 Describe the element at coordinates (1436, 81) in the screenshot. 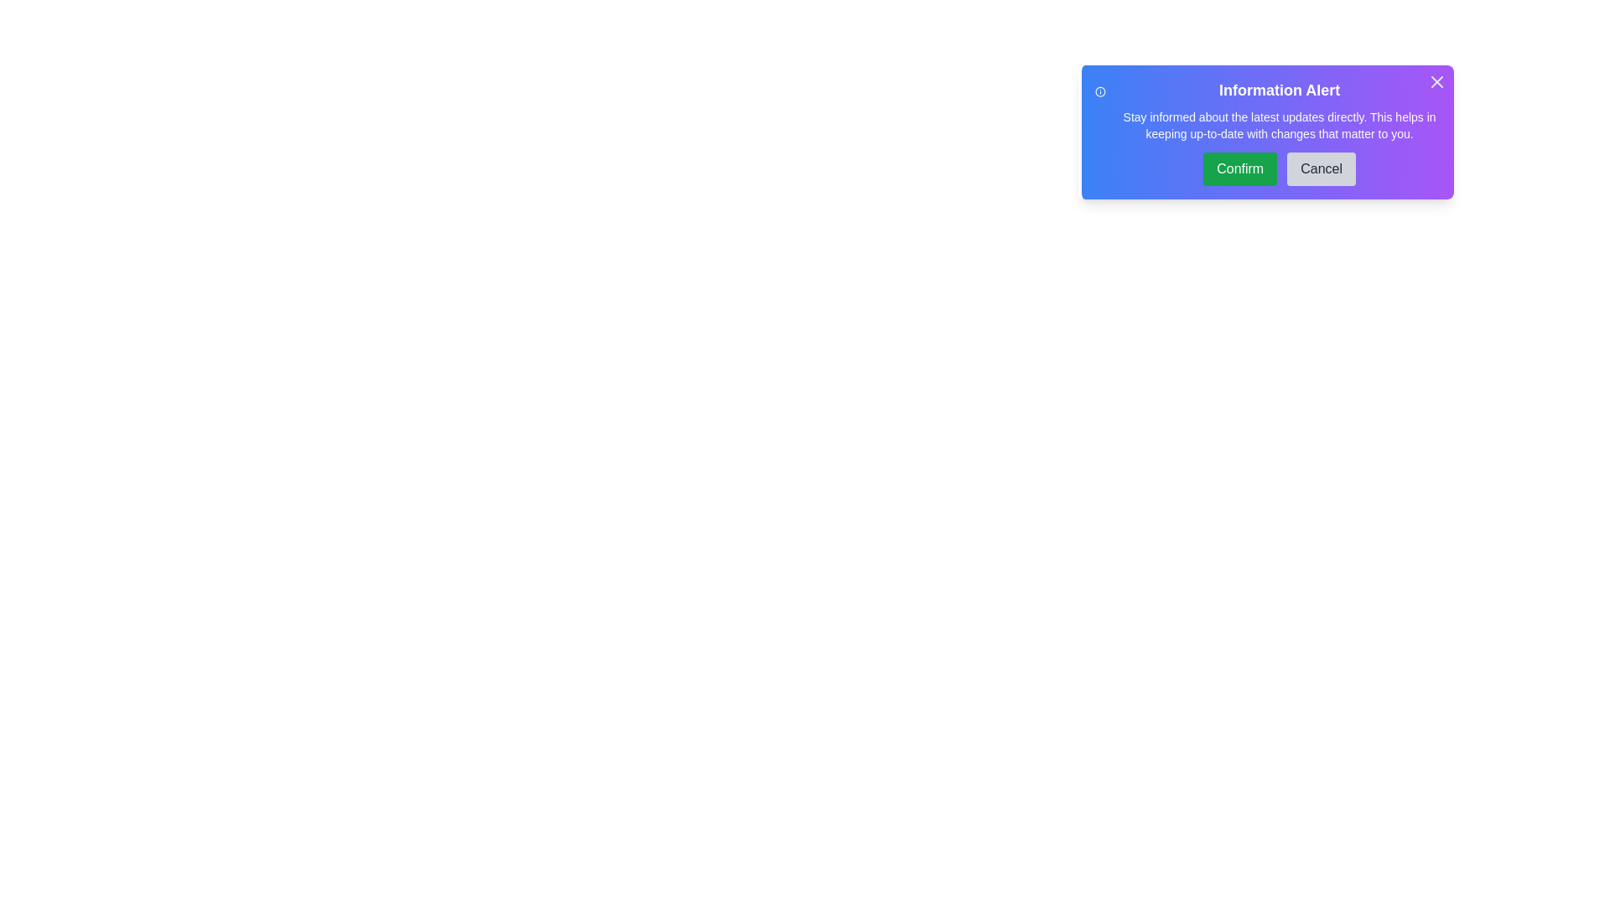

I see `close button (X) on the alert to dismiss it` at that location.